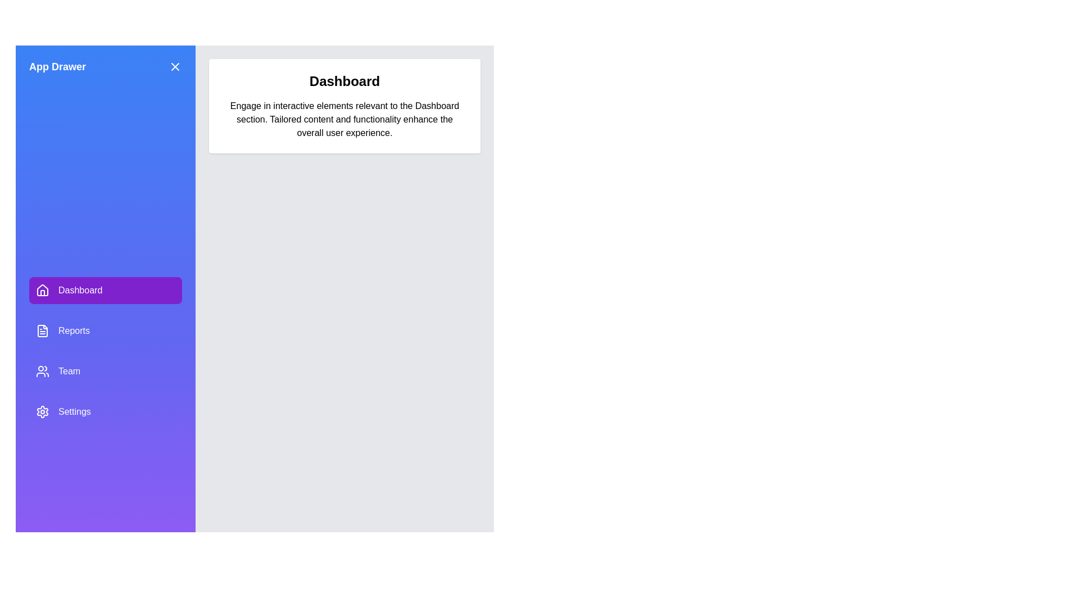  I want to click on the Dashboard from the drawer menu, so click(105, 289).